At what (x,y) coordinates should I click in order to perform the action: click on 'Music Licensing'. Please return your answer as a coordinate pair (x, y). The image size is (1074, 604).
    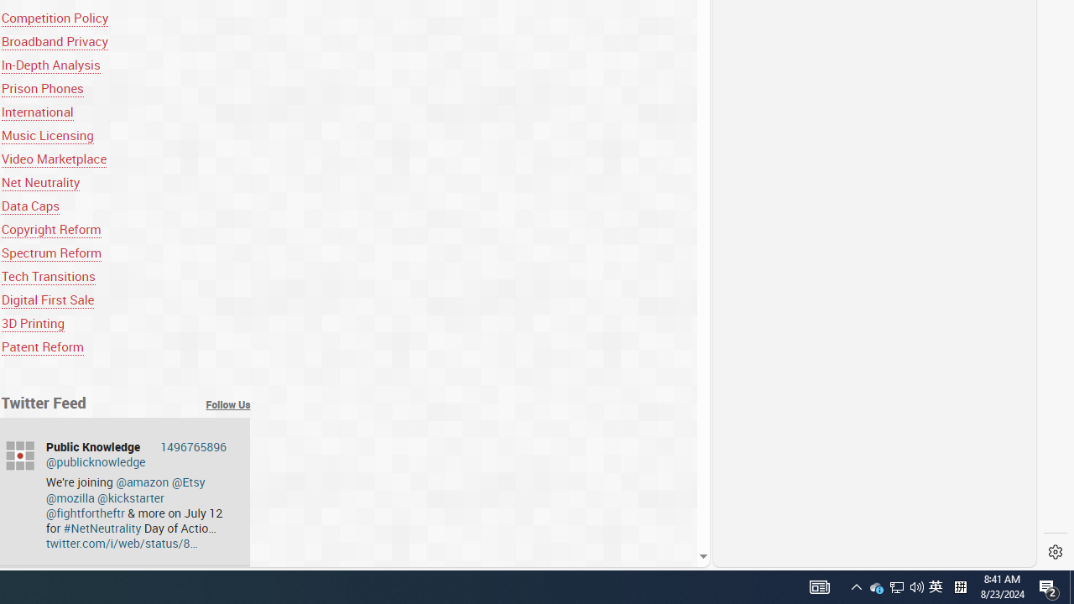
    Looking at the image, I should click on (47, 134).